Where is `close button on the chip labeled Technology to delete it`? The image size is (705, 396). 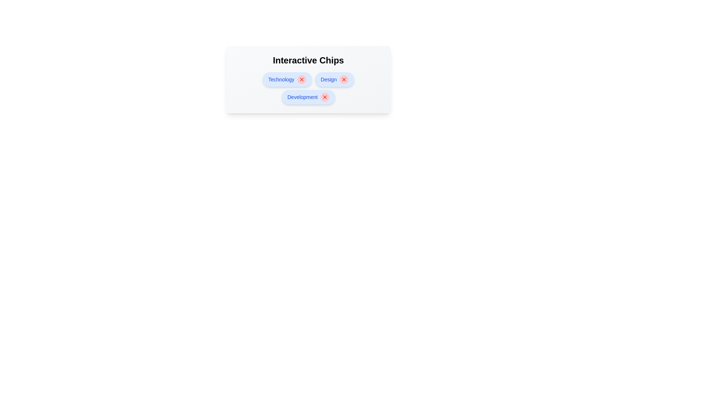 close button on the chip labeled Technology to delete it is located at coordinates (301, 79).